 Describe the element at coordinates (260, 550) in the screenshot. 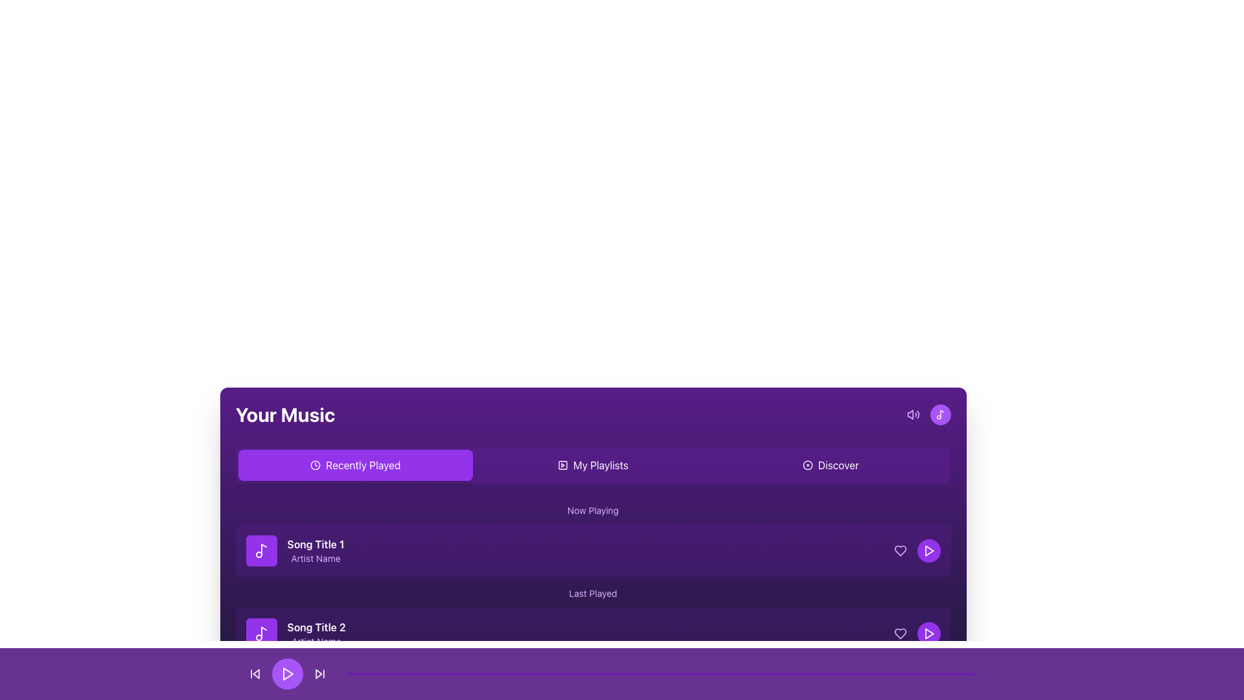

I see `the musical note icon within the purple button associated with 'Song Title 1' in the 'Recently Played' section of 'Your Music'` at that location.